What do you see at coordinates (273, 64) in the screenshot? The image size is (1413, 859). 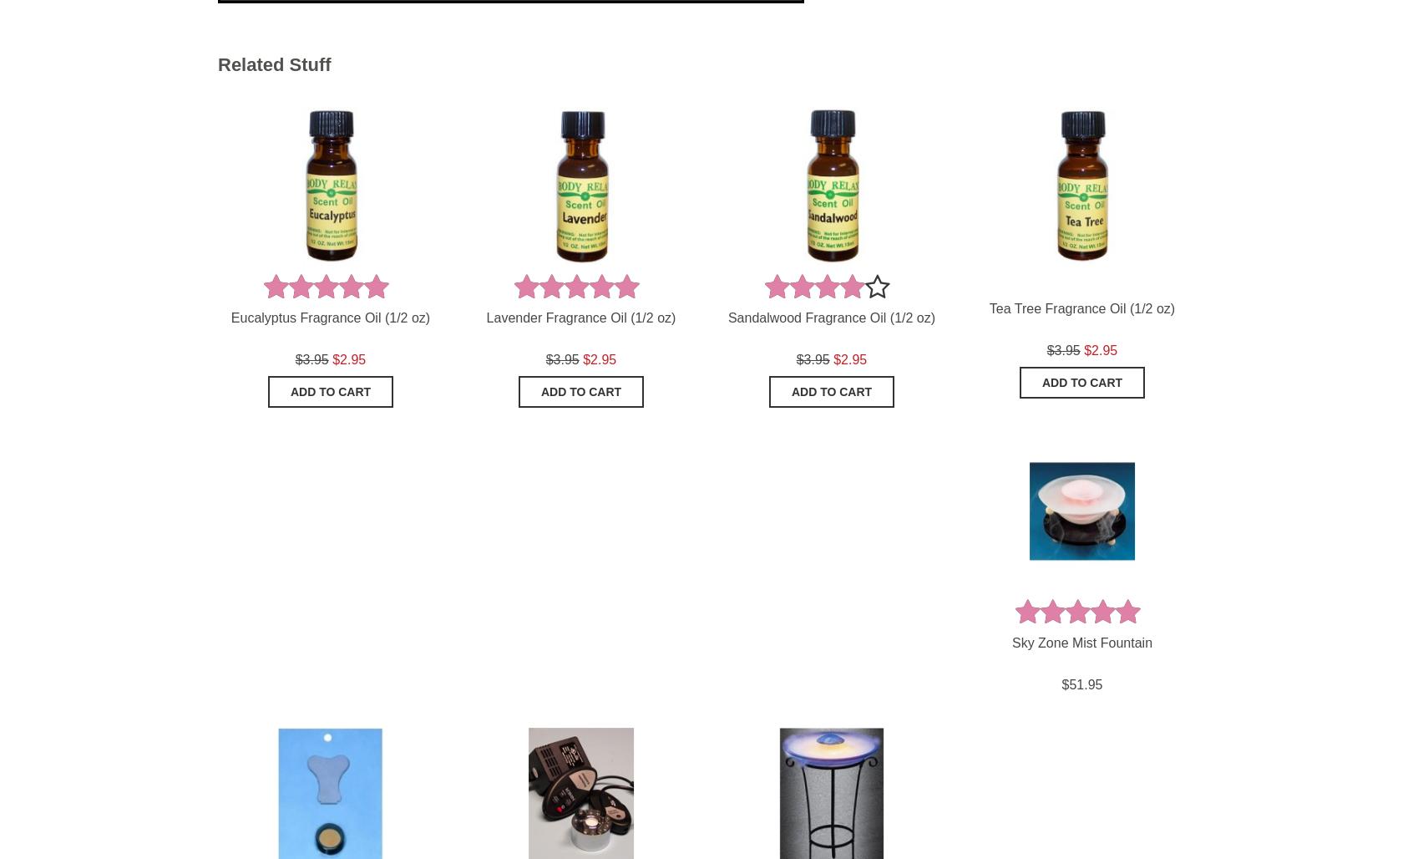 I see `'Related Stuff'` at bounding box center [273, 64].